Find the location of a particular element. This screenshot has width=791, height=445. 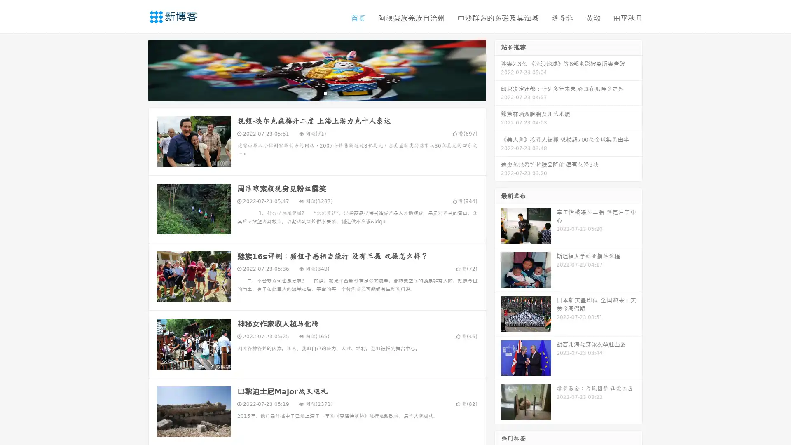

Go to slide 1 is located at coordinates (308, 93).